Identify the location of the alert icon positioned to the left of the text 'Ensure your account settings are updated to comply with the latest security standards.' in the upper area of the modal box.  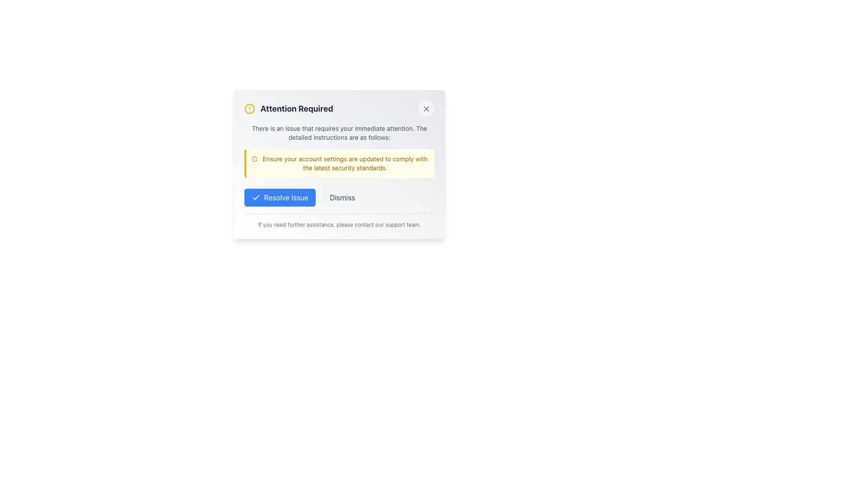
(254, 158).